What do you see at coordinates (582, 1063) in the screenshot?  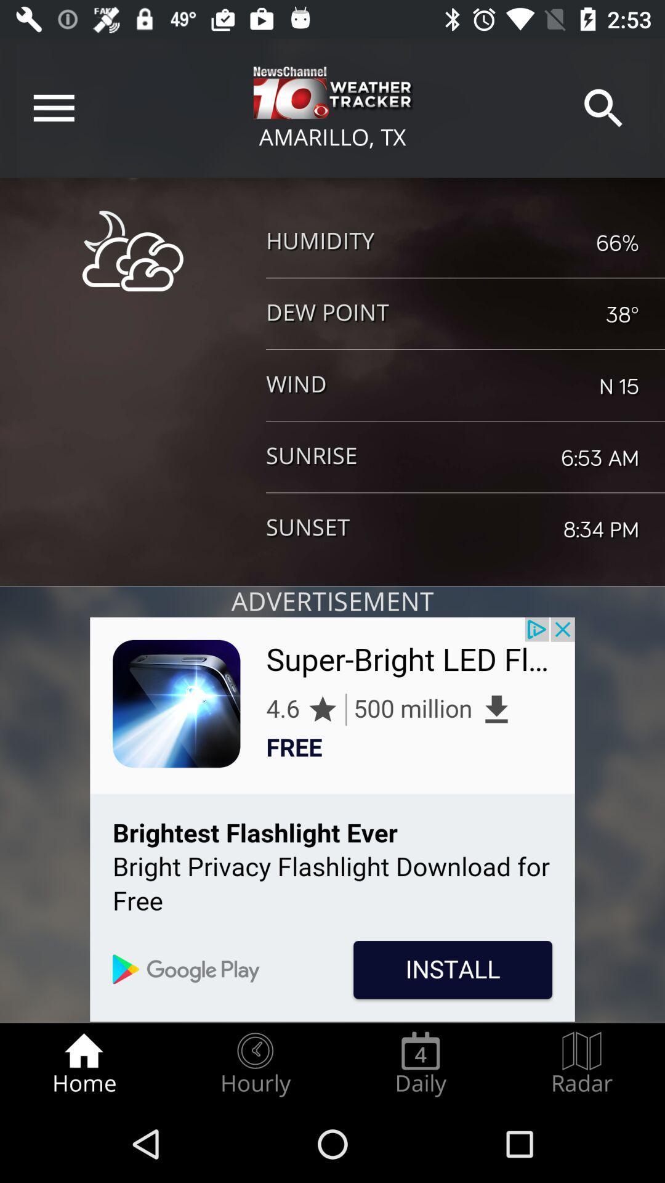 I see `the item to the right of daily item` at bounding box center [582, 1063].